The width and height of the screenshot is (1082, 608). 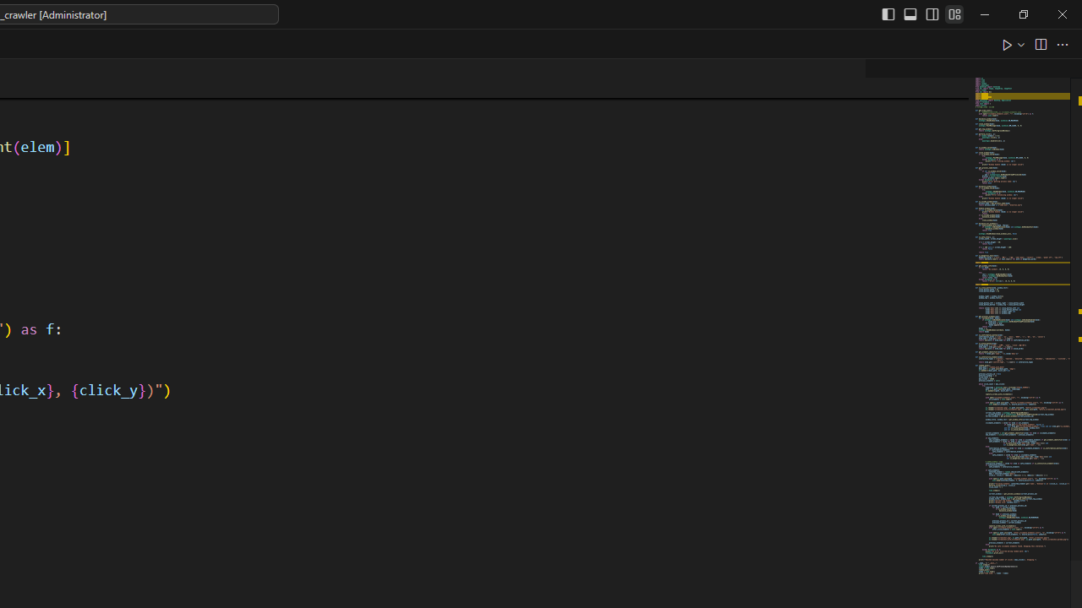 What do you see at coordinates (931, 14) in the screenshot?
I see `'Toggle Secondary Side Bar (Ctrl+Alt+B)'` at bounding box center [931, 14].